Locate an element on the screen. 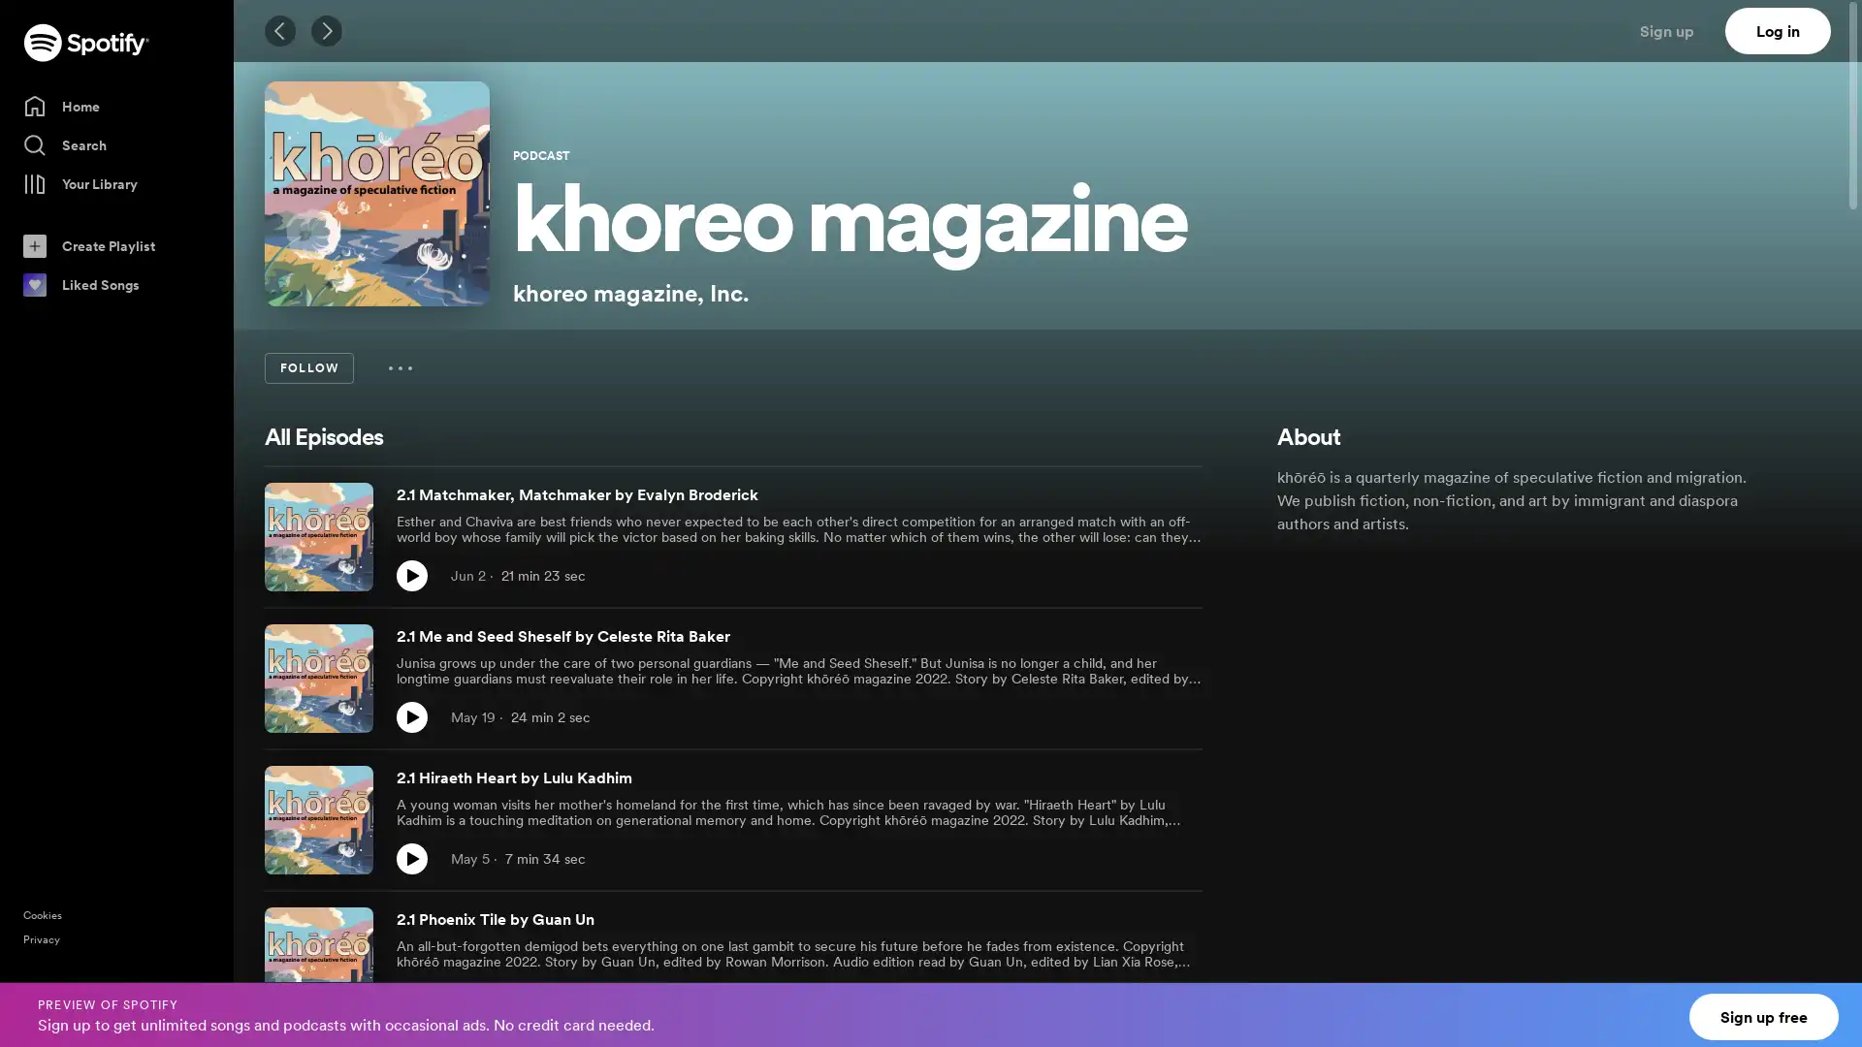 The image size is (1862, 1047). Log in is located at coordinates (1778, 30).